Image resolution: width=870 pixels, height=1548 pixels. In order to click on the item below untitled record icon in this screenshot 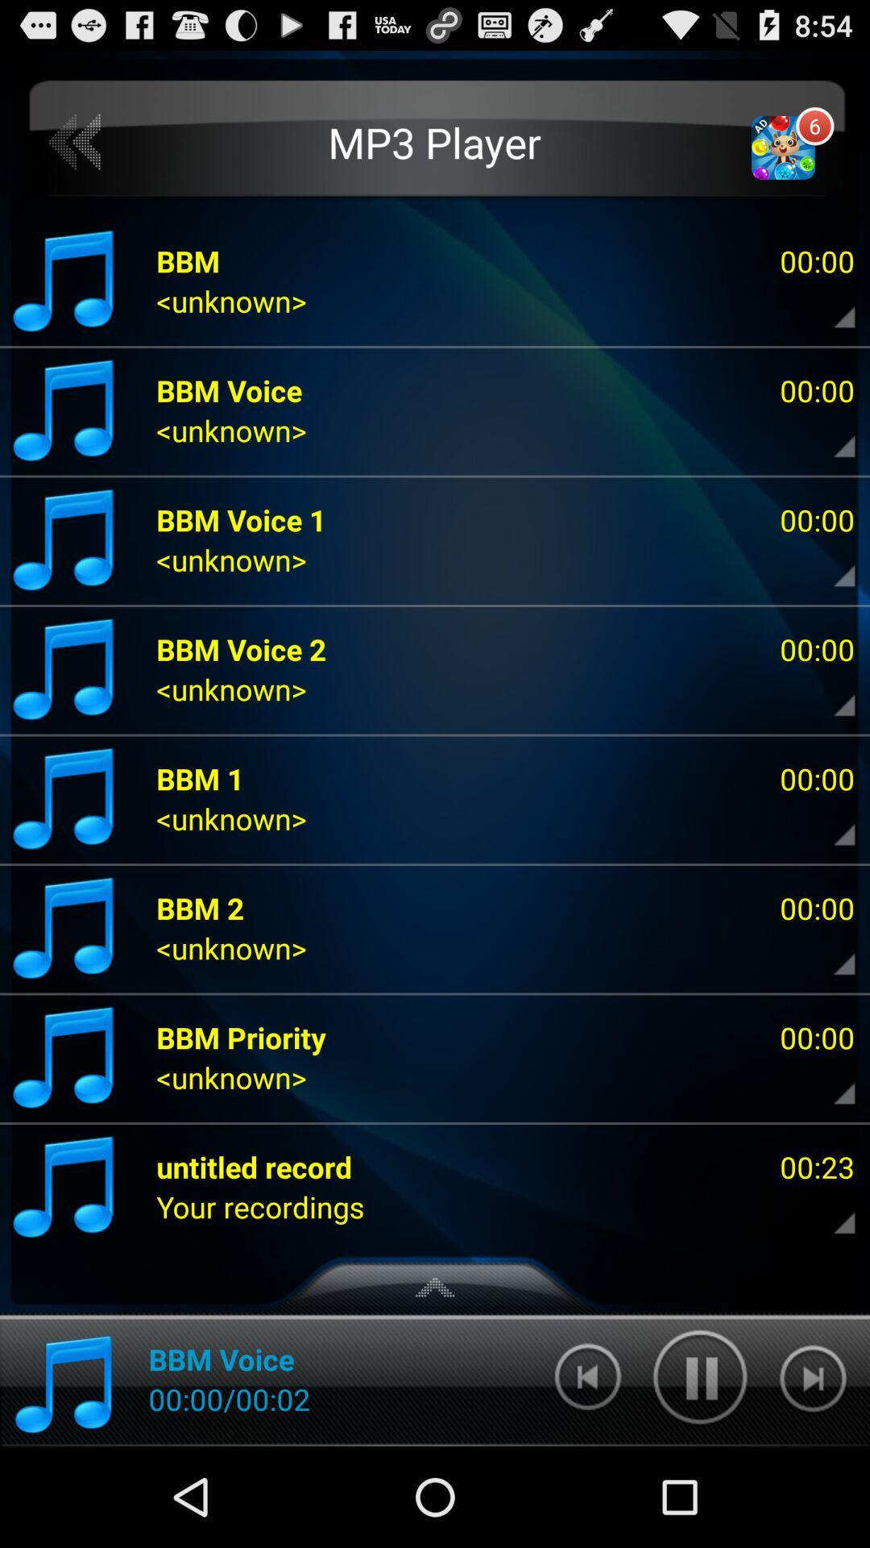, I will do `click(259, 1207)`.